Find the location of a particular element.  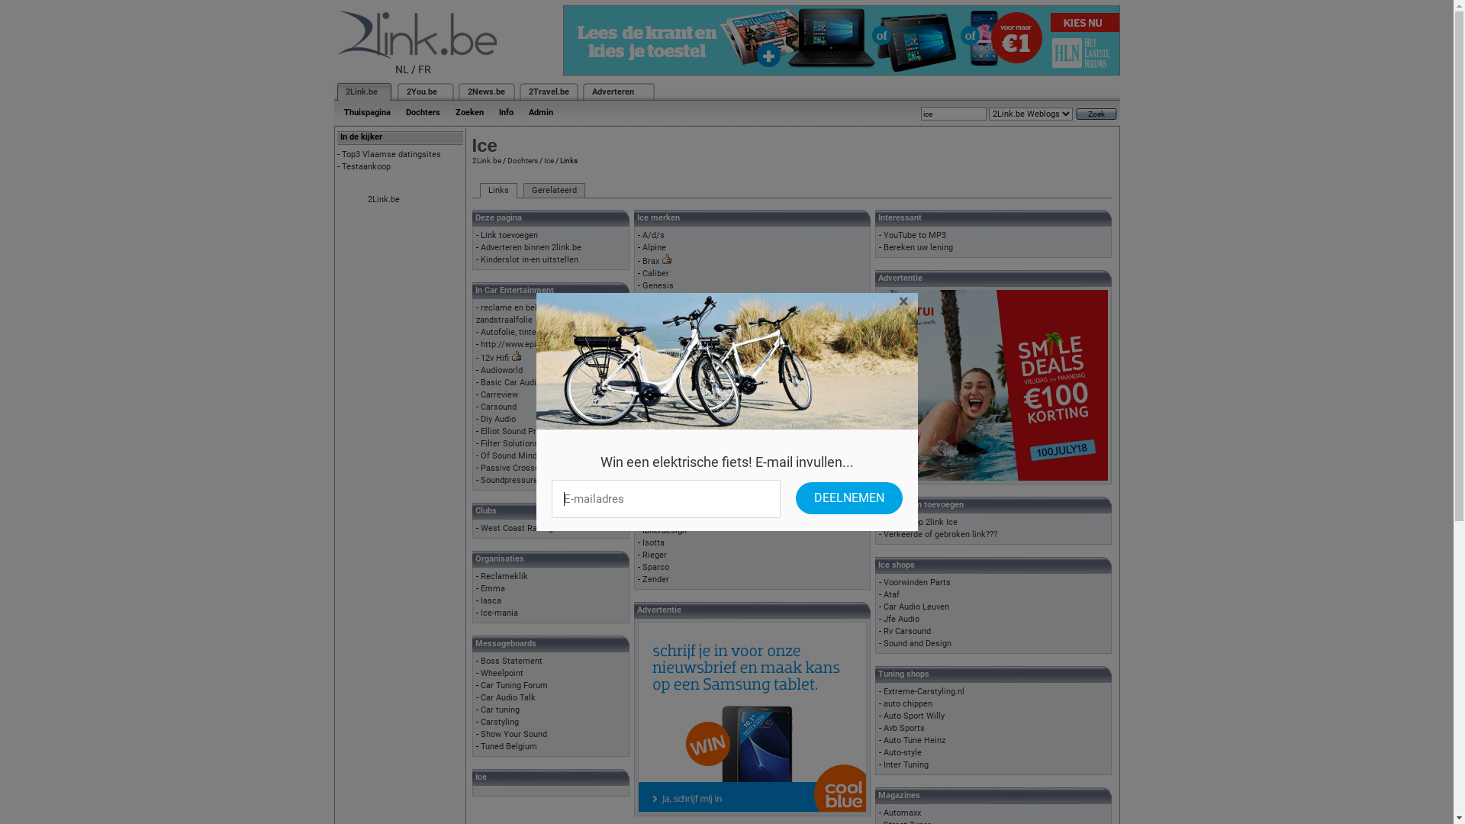

'Car Audio Talk' is located at coordinates (508, 697).